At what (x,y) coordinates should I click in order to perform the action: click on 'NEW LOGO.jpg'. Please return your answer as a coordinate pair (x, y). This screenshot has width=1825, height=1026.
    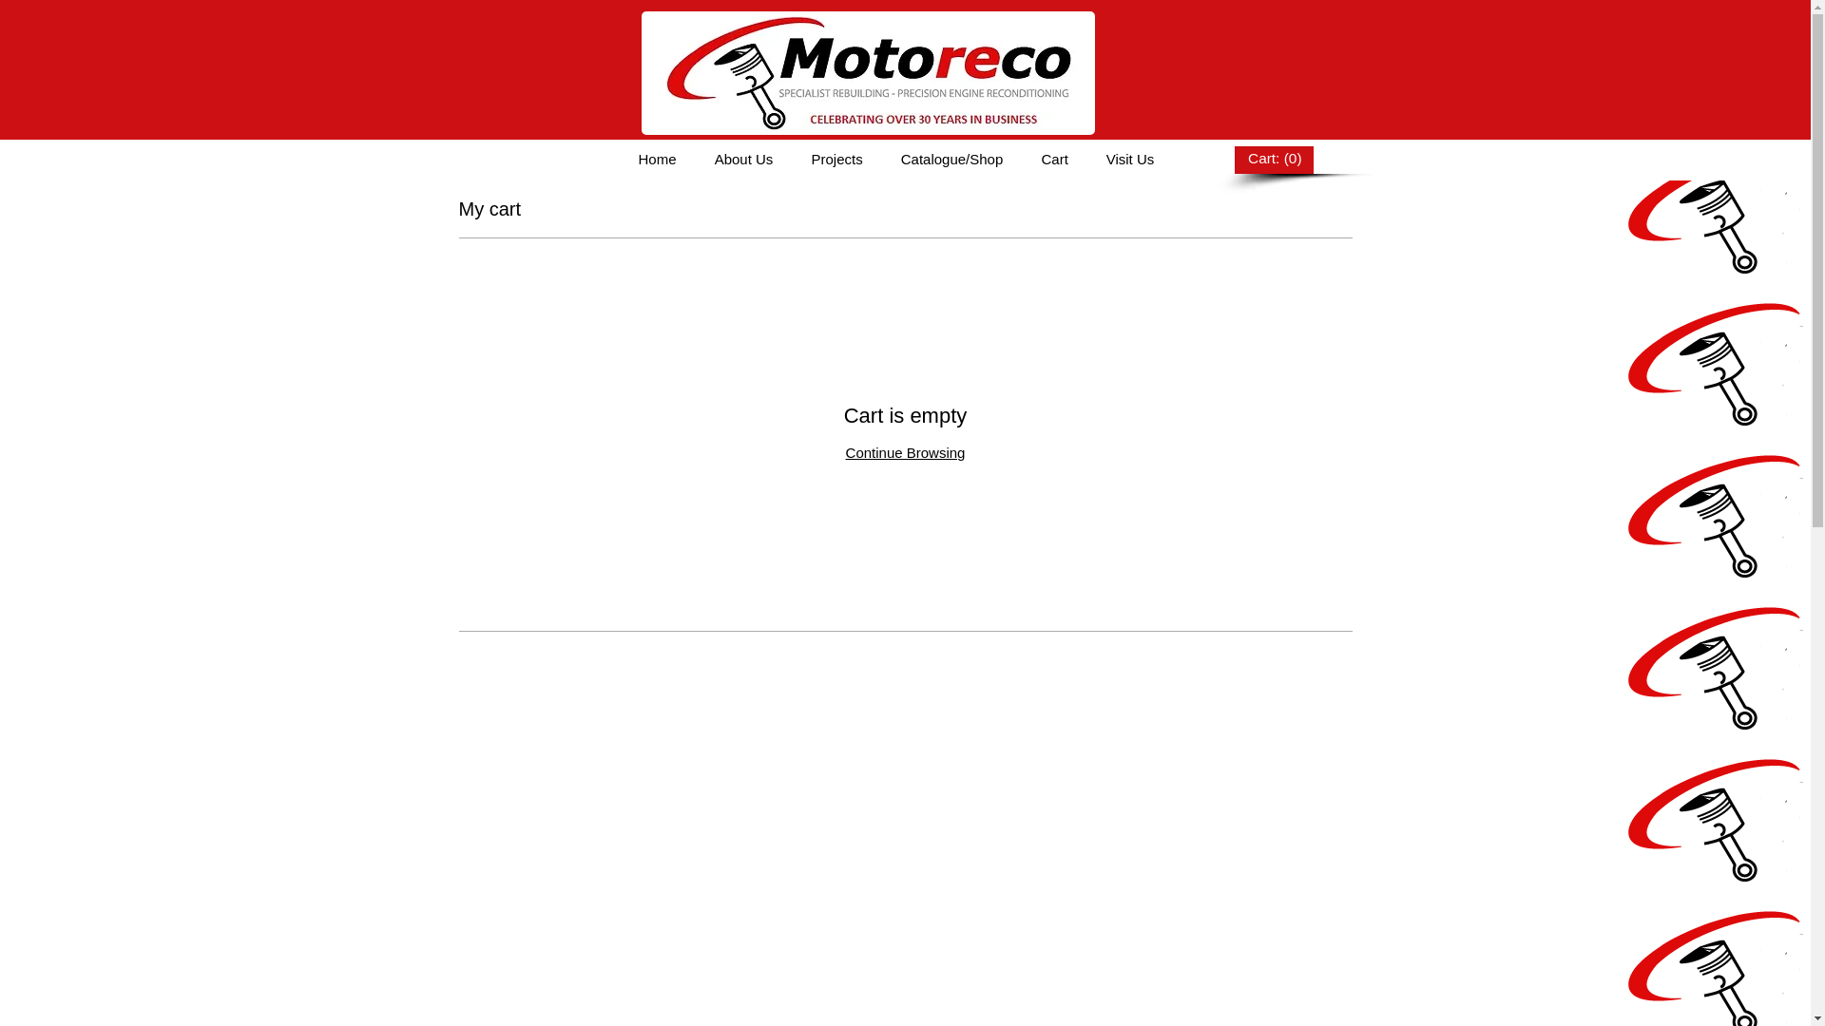
    Looking at the image, I should click on (866, 72).